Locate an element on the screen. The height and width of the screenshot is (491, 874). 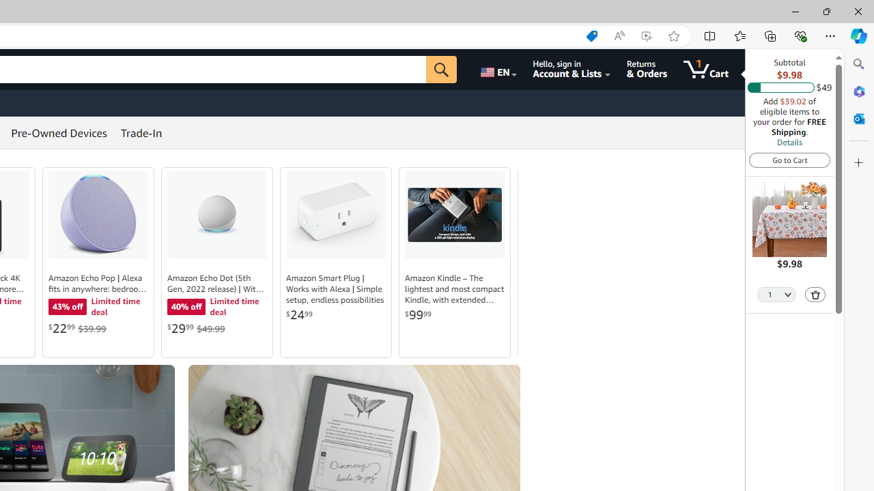
'Outlook' is located at coordinates (858, 118).